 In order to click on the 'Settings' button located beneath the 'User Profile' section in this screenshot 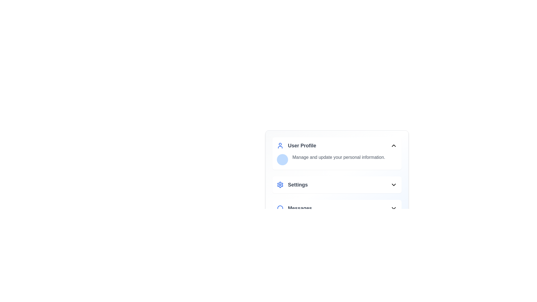, I will do `click(292, 185)`.